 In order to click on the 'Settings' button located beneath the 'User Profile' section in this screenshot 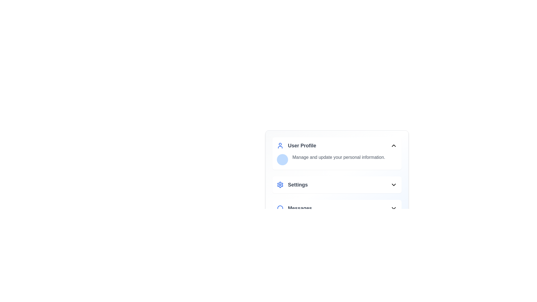, I will do `click(292, 185)`.